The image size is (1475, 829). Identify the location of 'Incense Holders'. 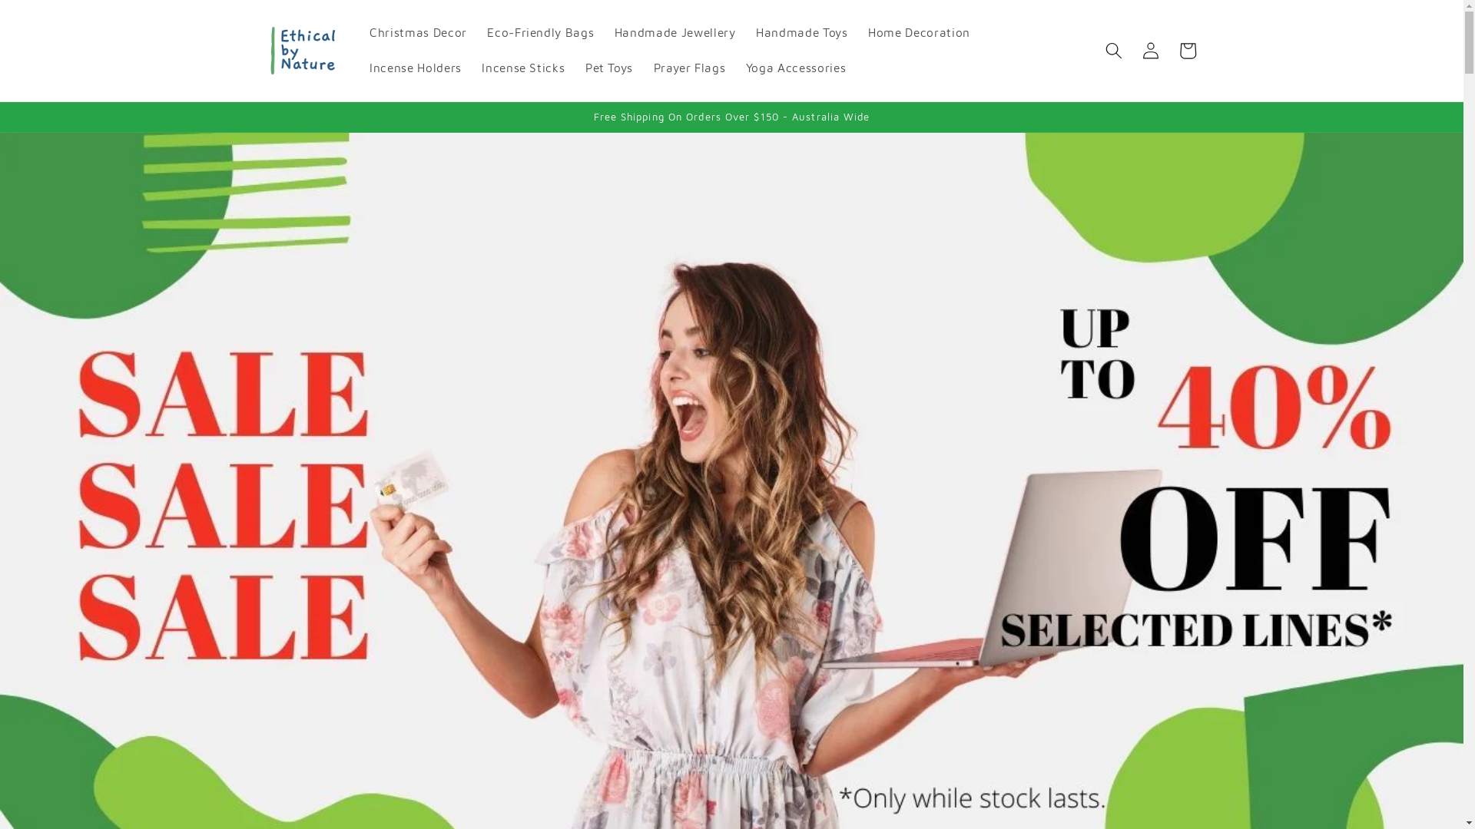
(416, 67).